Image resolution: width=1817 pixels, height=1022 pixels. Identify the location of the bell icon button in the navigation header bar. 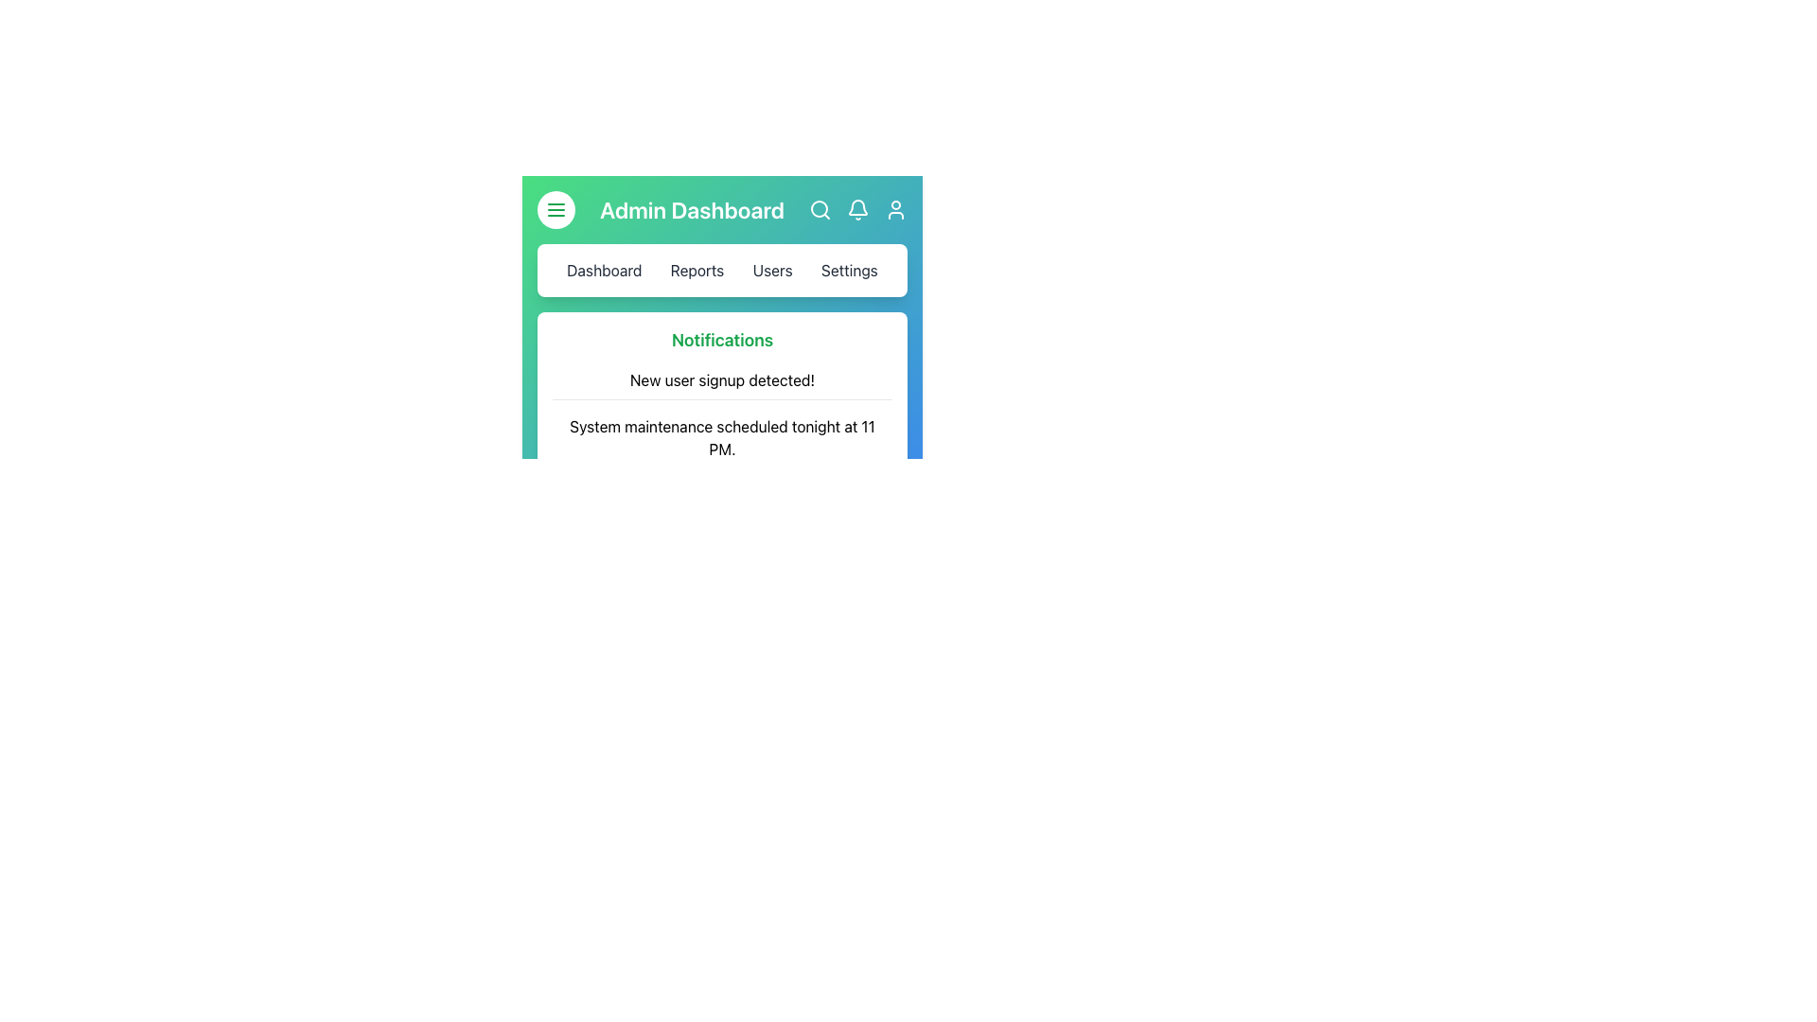
(857, 210).